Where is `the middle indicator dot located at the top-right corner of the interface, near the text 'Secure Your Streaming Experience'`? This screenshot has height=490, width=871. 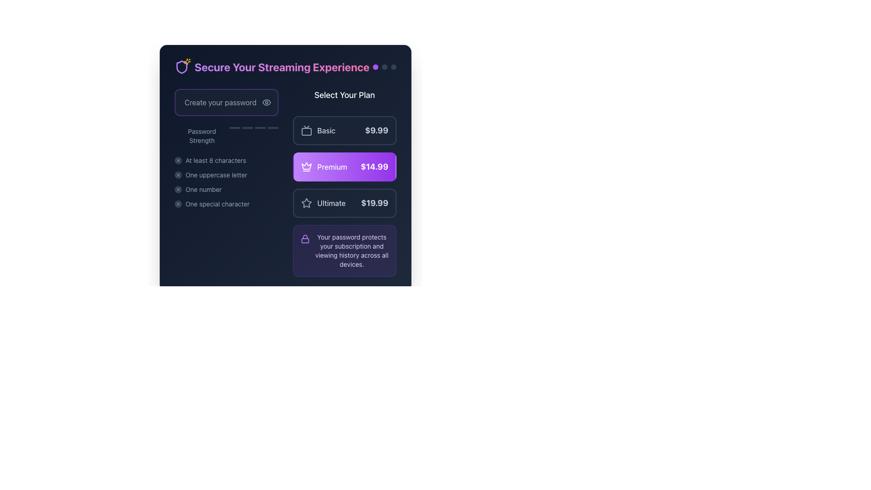 the middle indicator dot located at the top-right corner of the interface, near the text 'Secure Your Streaming Experience' is located at coordinates (385, 66).